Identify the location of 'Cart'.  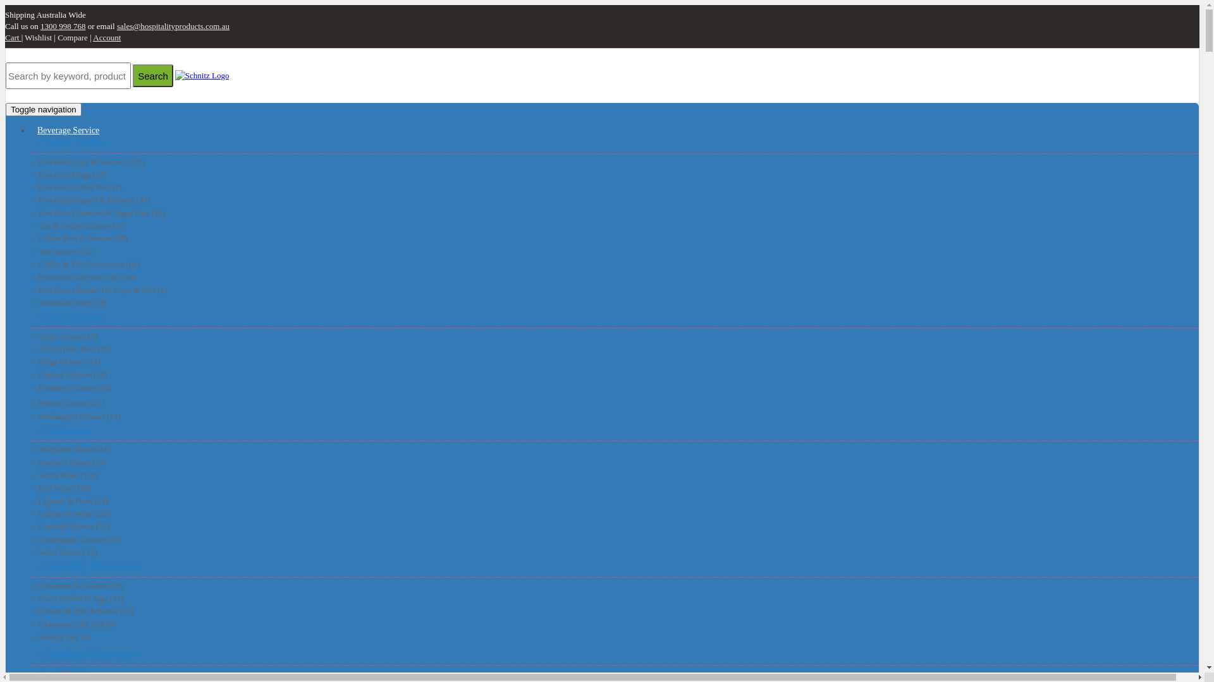
(13, 37).